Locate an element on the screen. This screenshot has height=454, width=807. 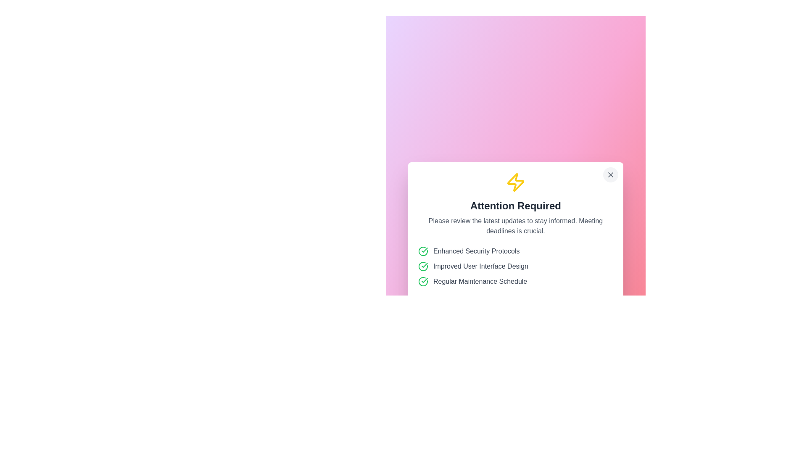
the dismiss button located at the bottom-right of the 'Attention Required' dialog to change its appearance is located at coordinates (566, 305).